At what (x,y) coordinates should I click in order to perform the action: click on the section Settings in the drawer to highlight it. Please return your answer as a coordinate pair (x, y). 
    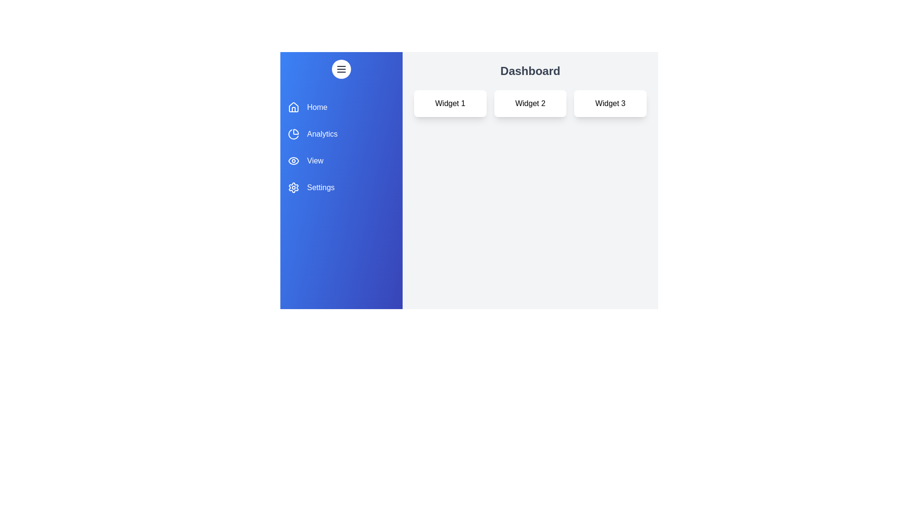
    Looking at the image, I should click on (341, 188).